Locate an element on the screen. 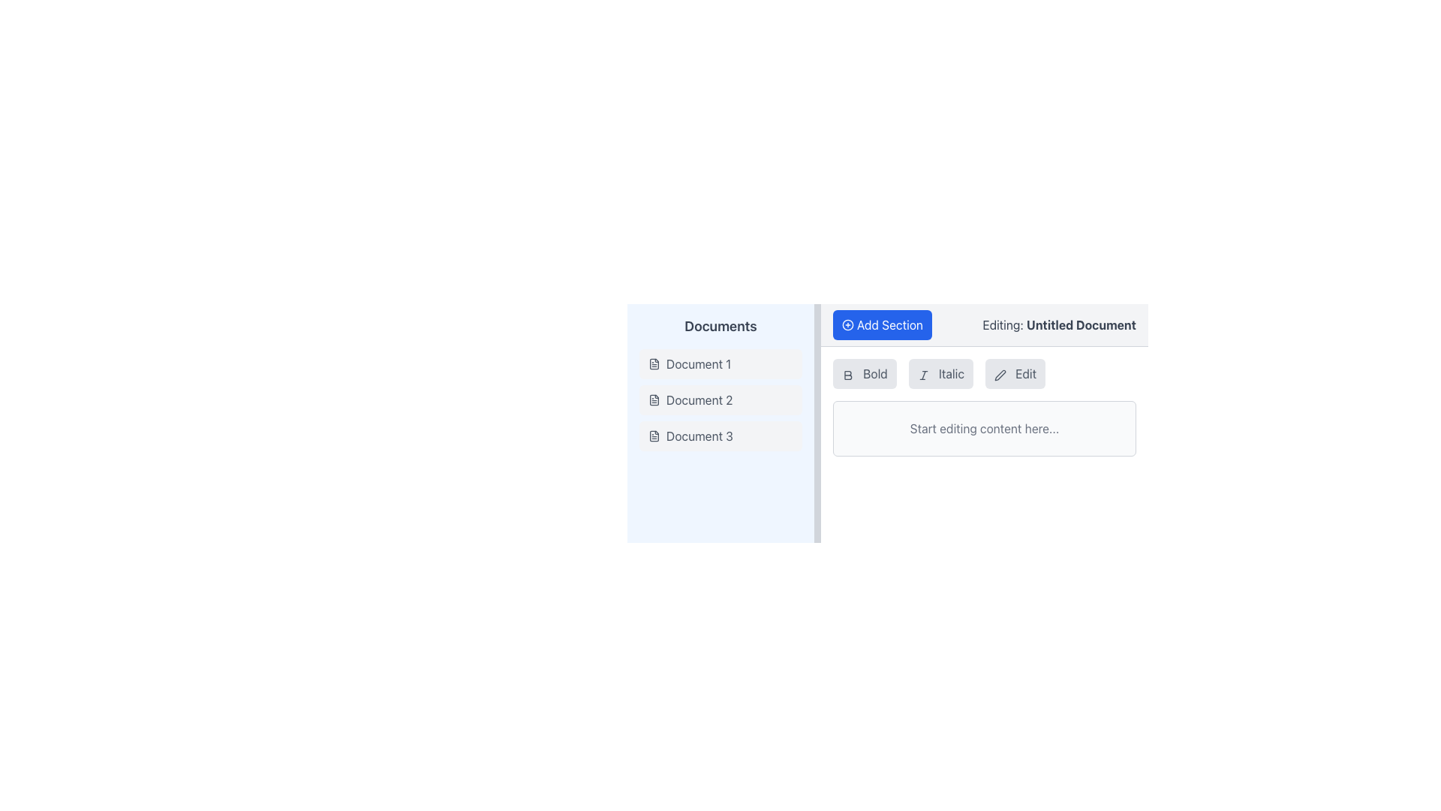 Image resolution: width=1441 pixels, height=811 pixels. the 'Document 3' button is located at coordinates (720, 436).